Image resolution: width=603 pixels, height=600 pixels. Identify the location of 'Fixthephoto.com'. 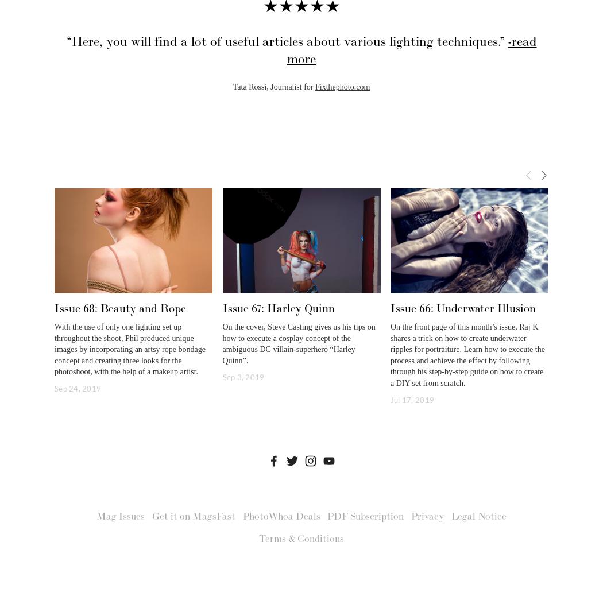
(315, 86).